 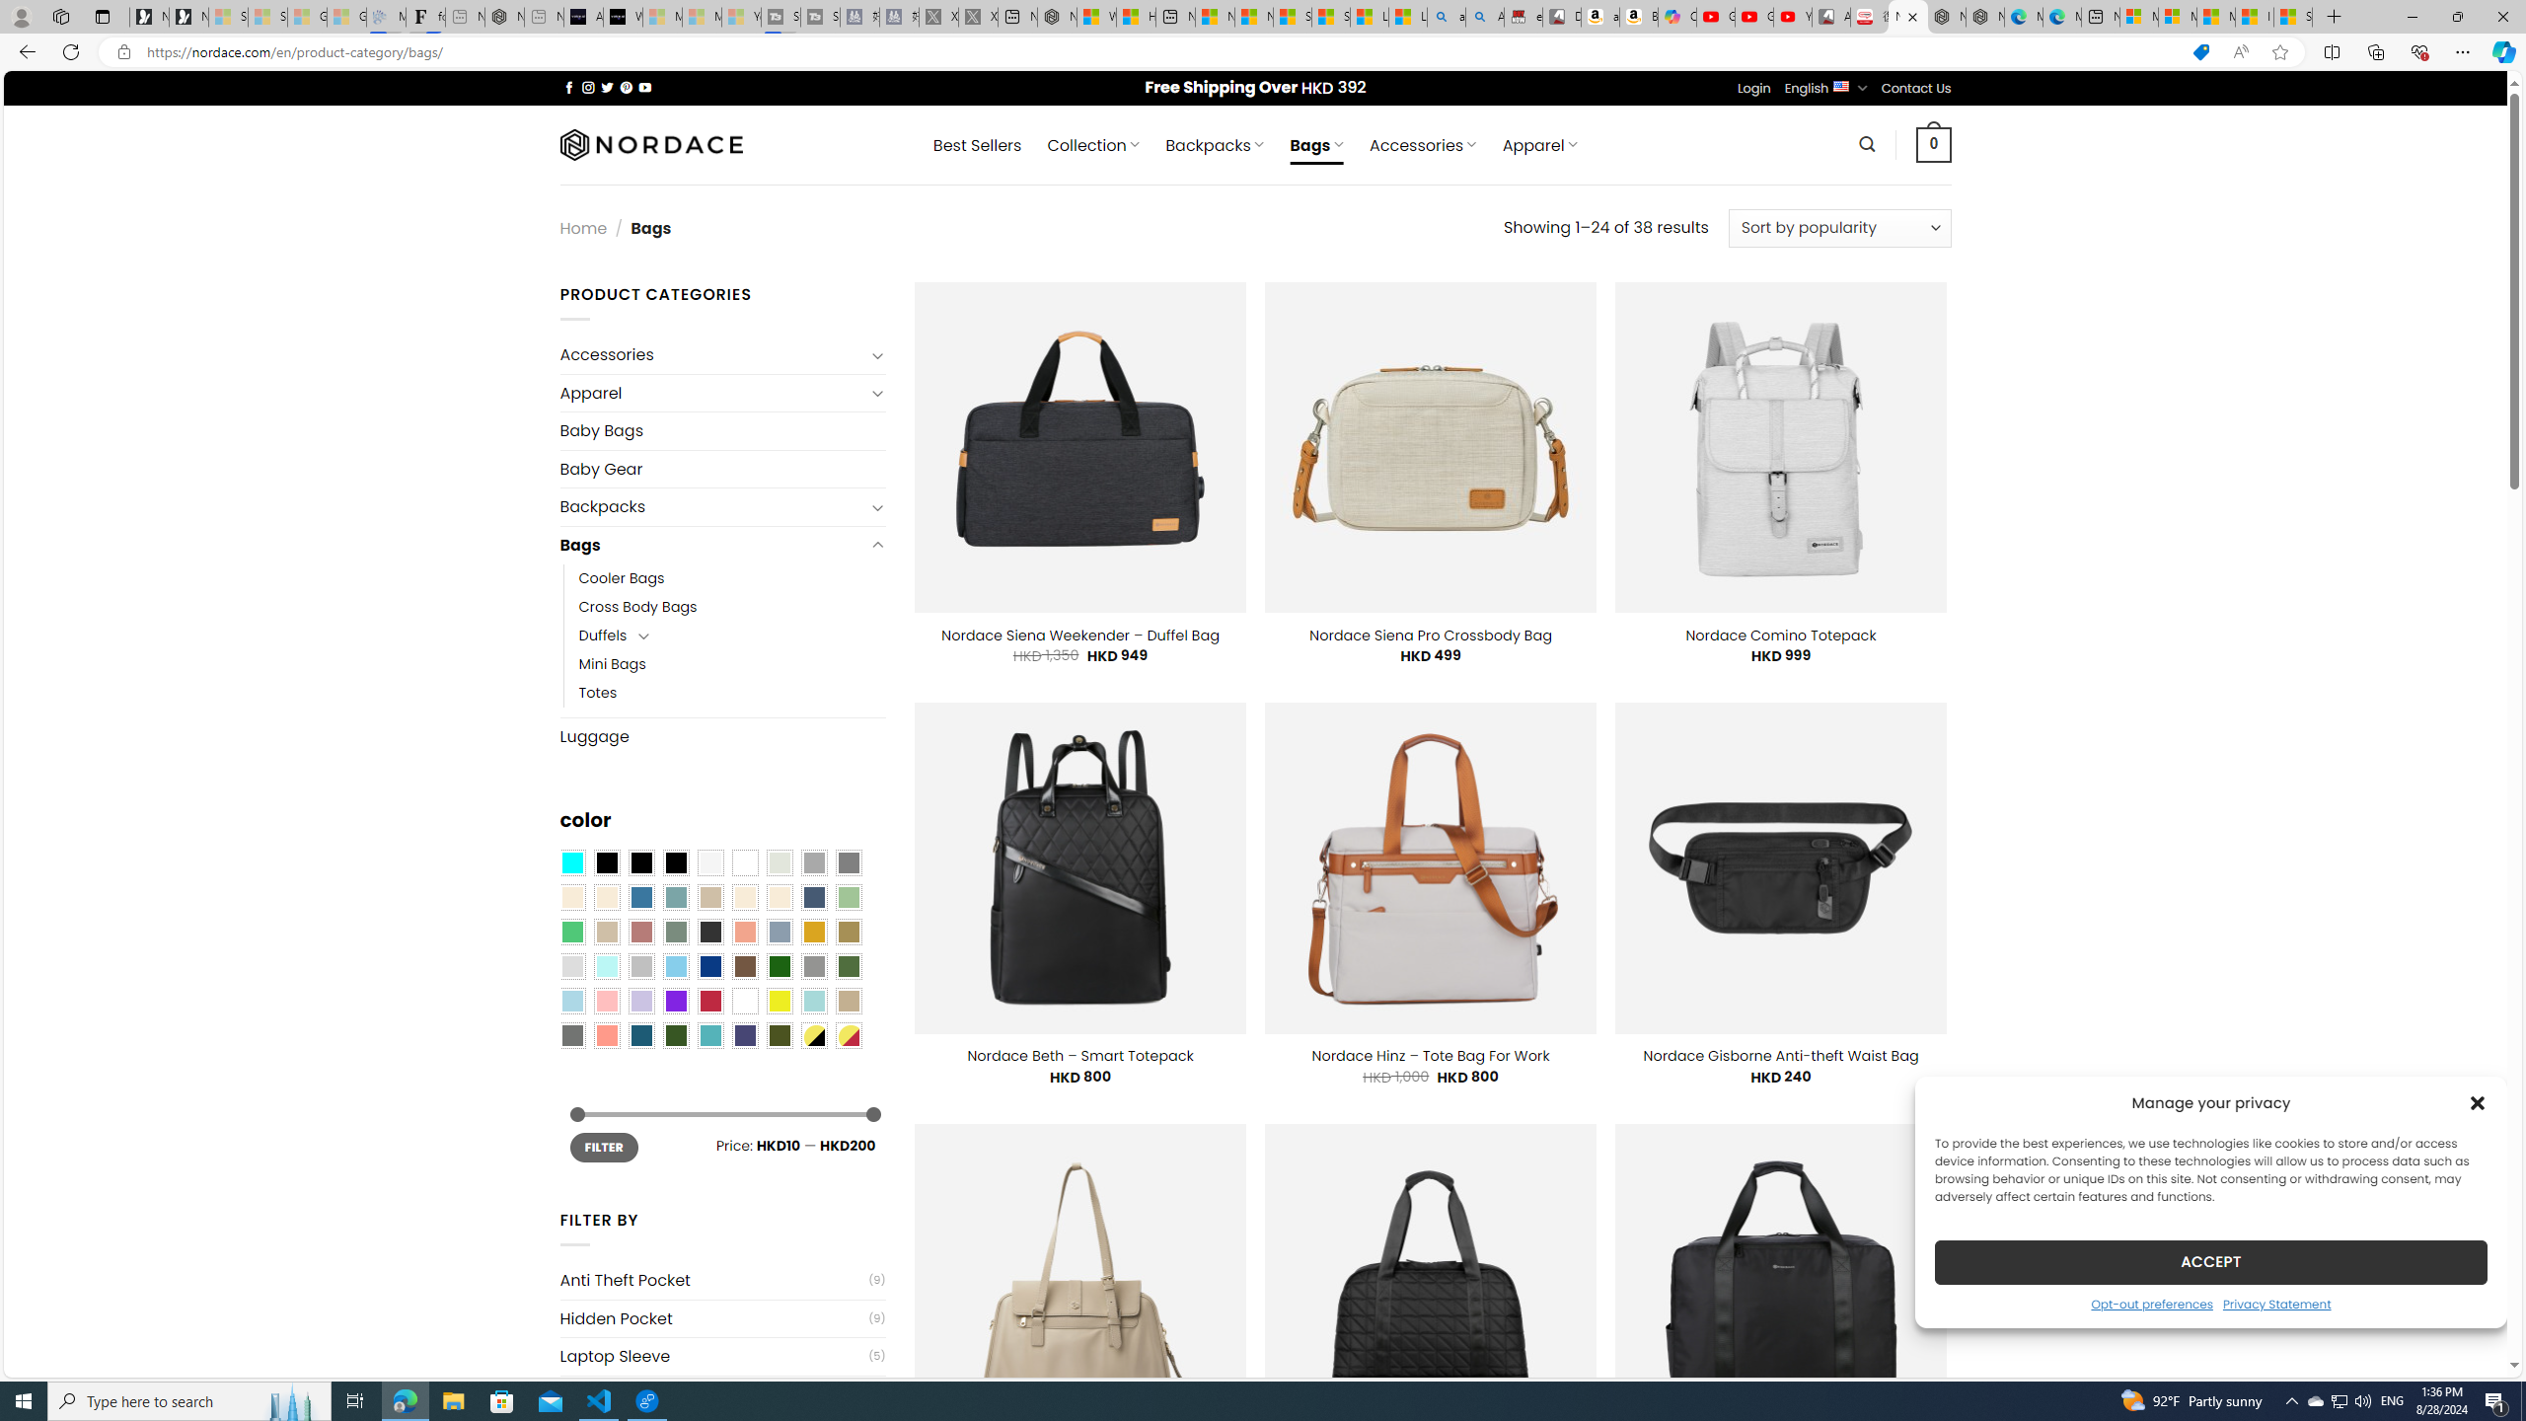 I want to click on 'Login', so click(x=1753, y=87).